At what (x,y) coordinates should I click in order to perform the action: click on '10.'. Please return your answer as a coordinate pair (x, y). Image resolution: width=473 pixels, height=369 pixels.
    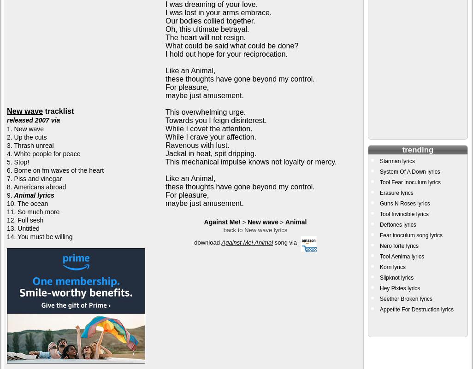
    Looking at the image, I should click on (12, 203).